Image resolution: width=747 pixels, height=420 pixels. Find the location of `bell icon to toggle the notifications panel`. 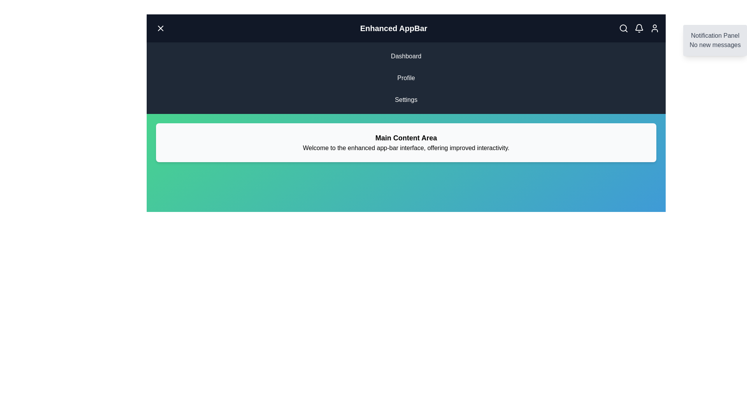

bell icon to toggle the notifications panel is located at coordinates (639, 28).